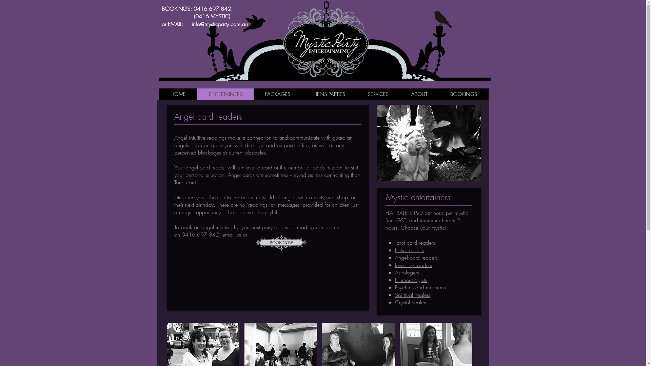  I want to click on 'Spiritual healers', so click(412, 294).